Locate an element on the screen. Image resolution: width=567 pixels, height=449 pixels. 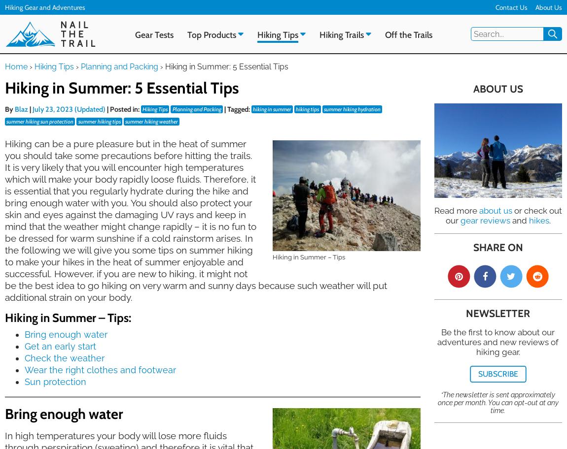
'Get an early start' is located at coordinates (24, 346).